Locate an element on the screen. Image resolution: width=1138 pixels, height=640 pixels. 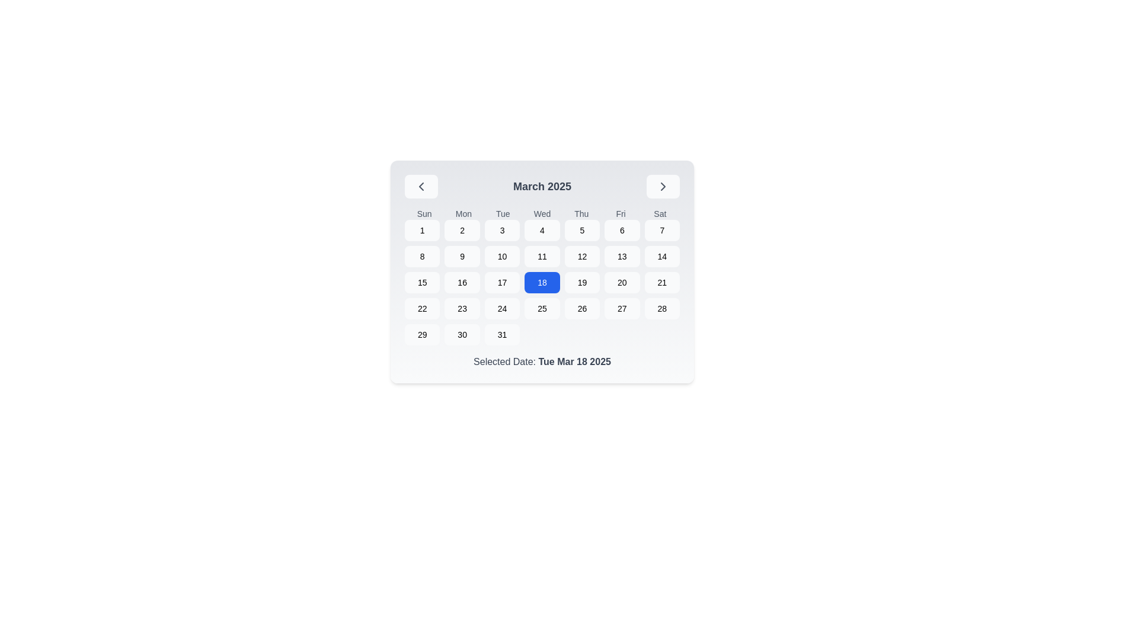
the selectable calendar date cell displaying the number '11' is located at coordinates (542, 255).